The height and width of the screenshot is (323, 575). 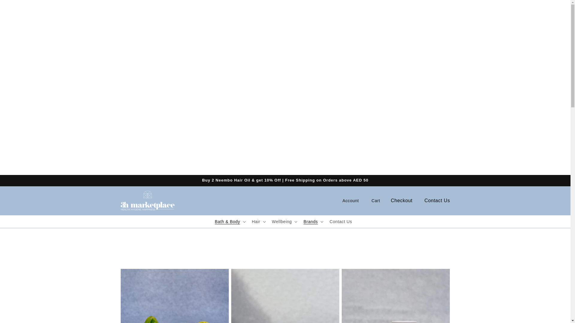 I want to click on 'Checkout', so click(x=401, y=201).